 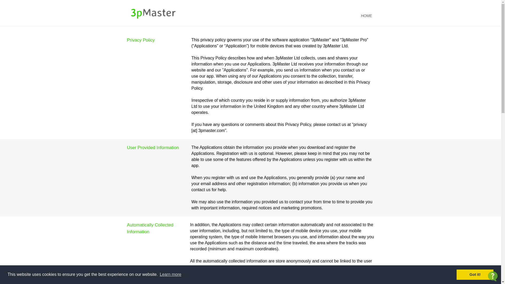 I want to click on 'Got it!', so click(x=475, y=274).